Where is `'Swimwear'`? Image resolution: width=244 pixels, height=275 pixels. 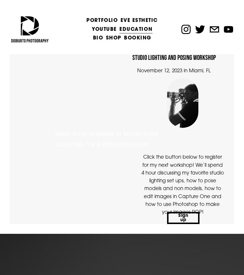 'Swimwear' is located at coordinates (86, 99).